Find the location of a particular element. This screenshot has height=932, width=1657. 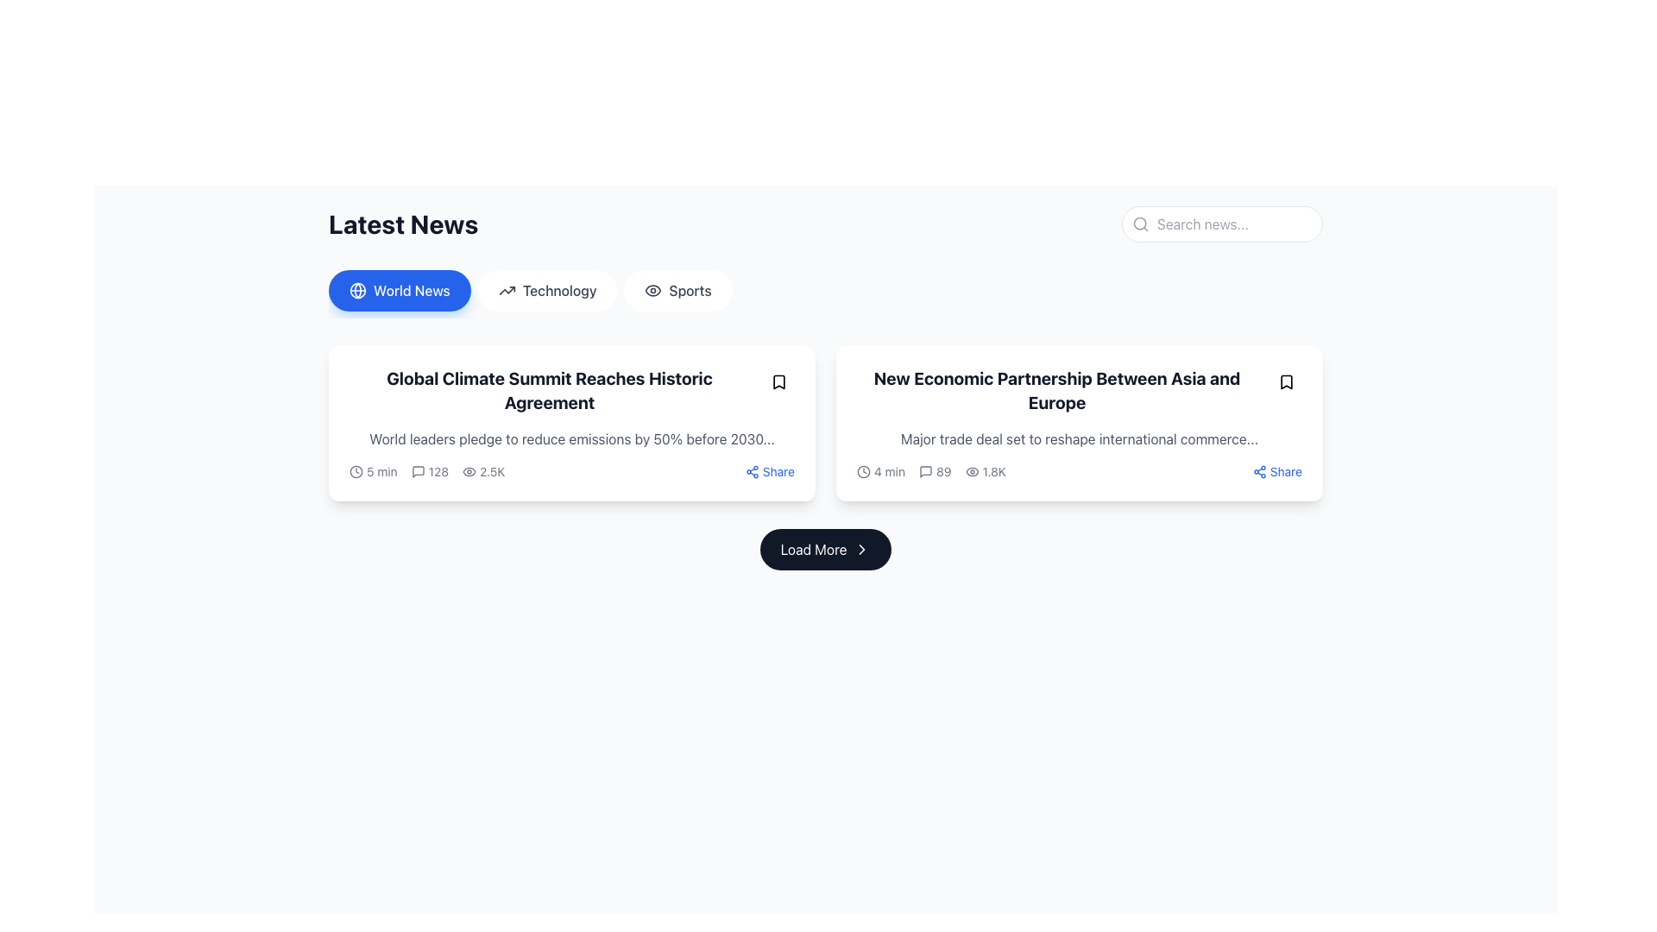

the speech bubble icon that displays the number of comments associated with the news article titled 'Global Climate Summit Reaches Historic Agreement', located between the '5 min' element and the '2.5K' element is located at coordinates (427, 472).